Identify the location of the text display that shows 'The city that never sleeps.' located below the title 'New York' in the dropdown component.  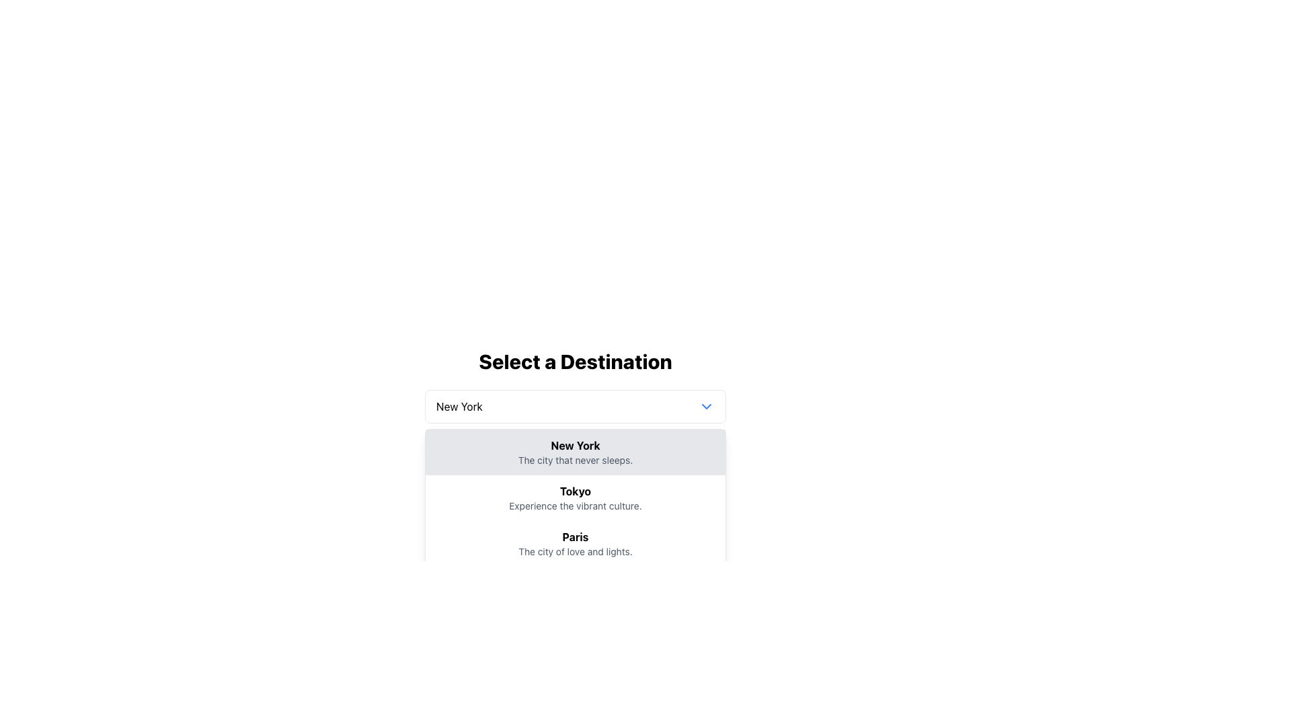
(575, 458).